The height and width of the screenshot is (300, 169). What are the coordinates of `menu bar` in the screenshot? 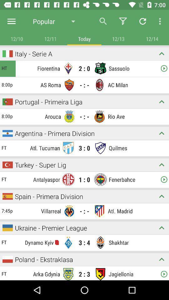 It's located at (11, 21).